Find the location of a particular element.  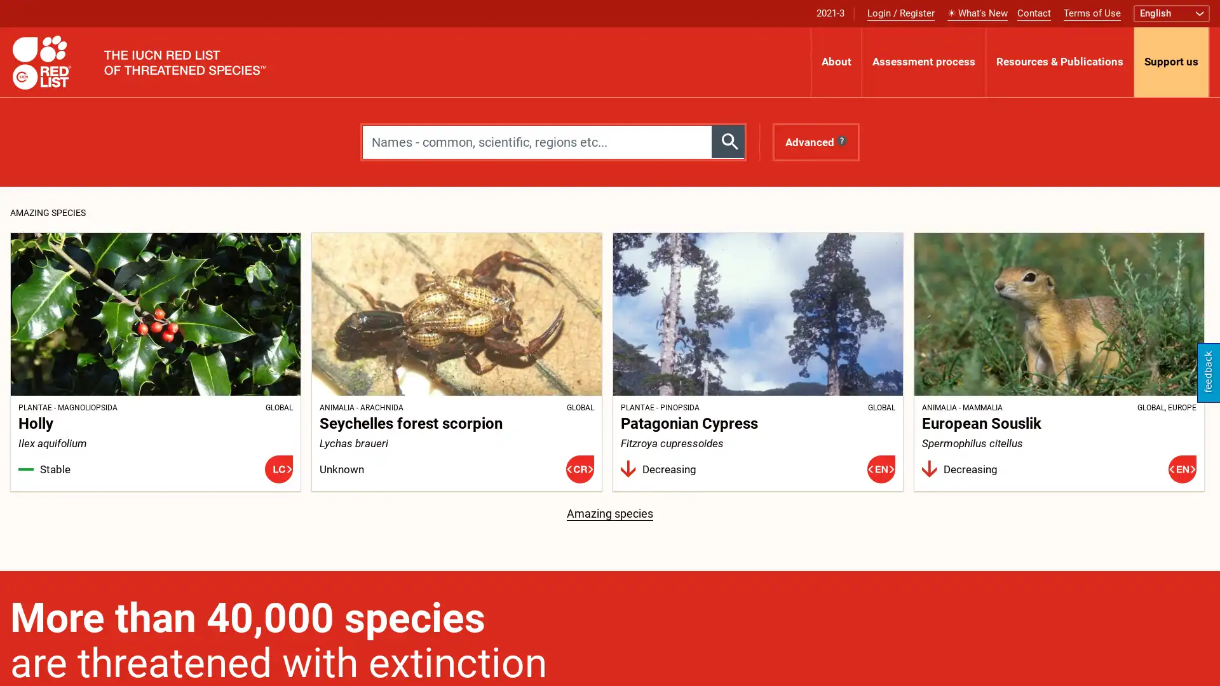

More is located at coordinates (1209, 62).